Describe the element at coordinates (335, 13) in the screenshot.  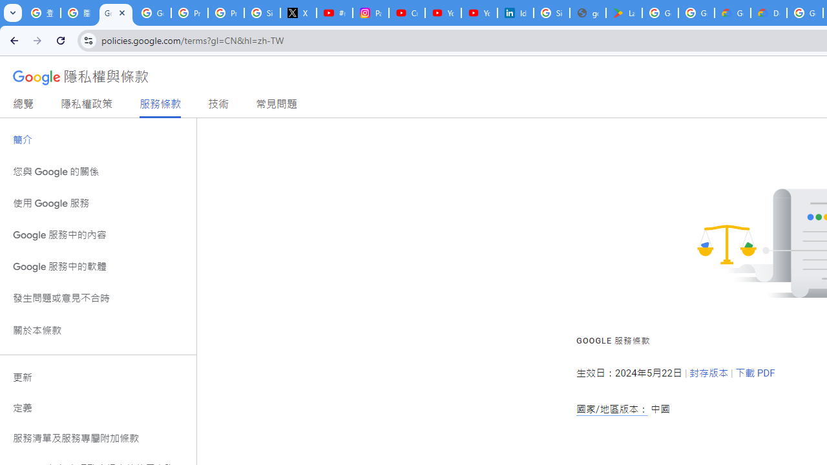
I see `'#nbabasketballhighlights - YouTube'` at that location.